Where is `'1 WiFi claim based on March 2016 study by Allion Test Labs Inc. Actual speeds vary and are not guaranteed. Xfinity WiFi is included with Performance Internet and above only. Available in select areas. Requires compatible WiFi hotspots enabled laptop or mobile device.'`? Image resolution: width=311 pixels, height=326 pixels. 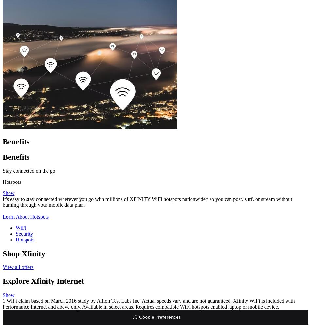
'1 WiFi claim based on March 2016 study by Allion Test Labs Inc. Actual speeds vary and are not guaranteed. Xfinity WiFi is included with Performance Internet and above only. Available in select areas. Requires compatible WiFi hotspots enabled laptop or mobile device.' is located at coordinates (148, 304).